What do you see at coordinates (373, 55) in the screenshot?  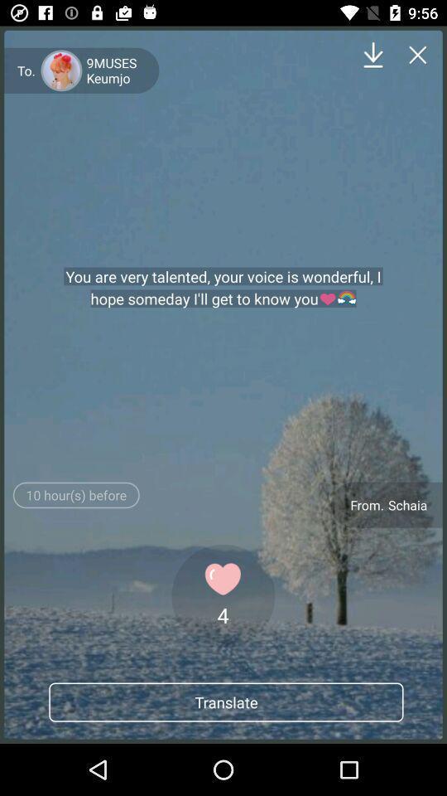 I see `item next to the 9muses` at bounding box center [373, 55].